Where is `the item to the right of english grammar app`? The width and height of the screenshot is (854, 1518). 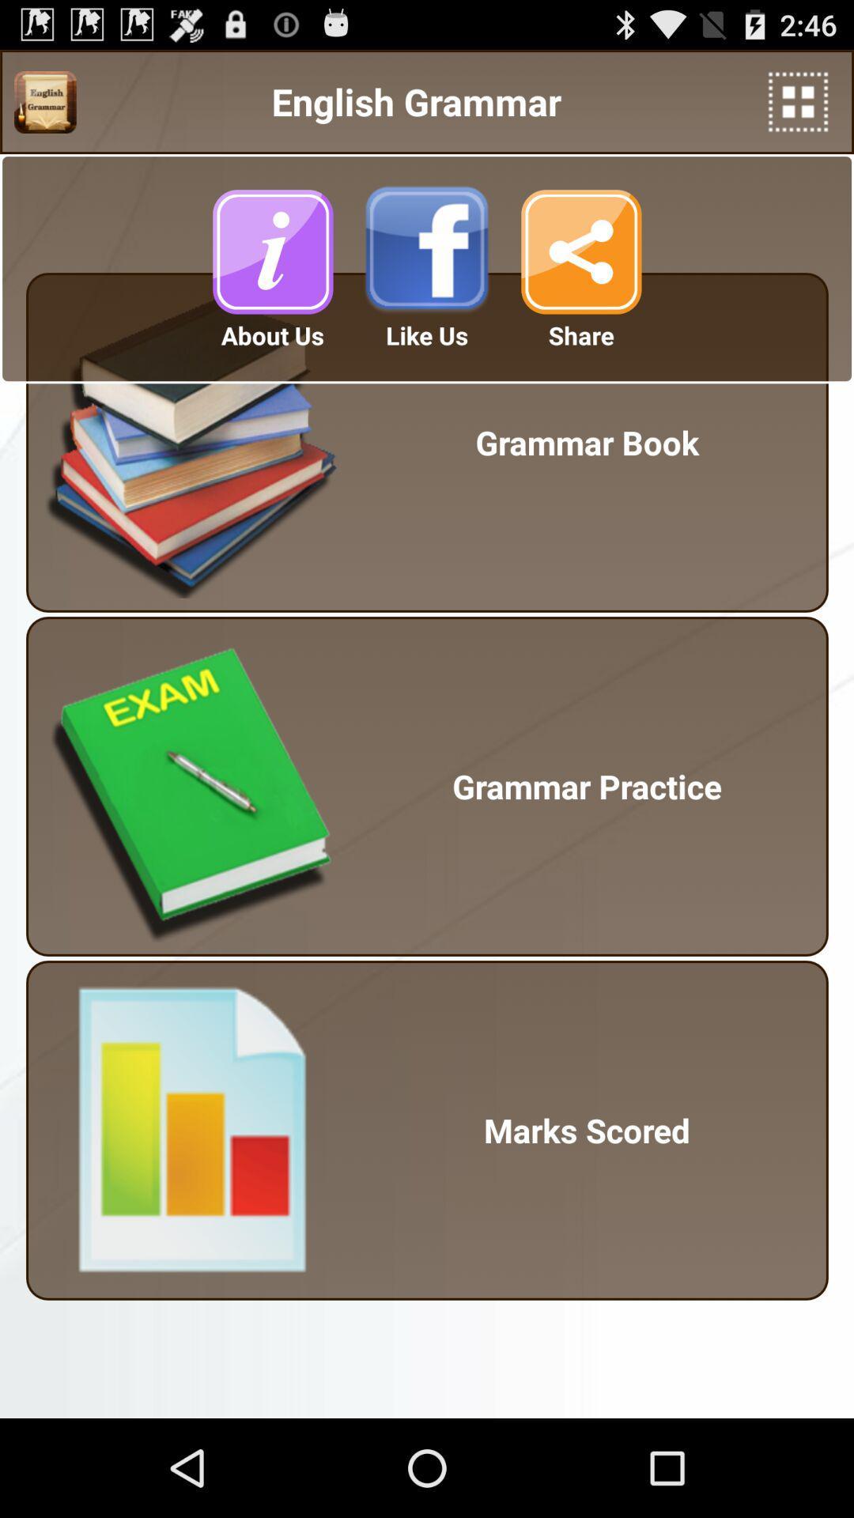 the item to the right of english grammar app is located at coordinates (798, 101).